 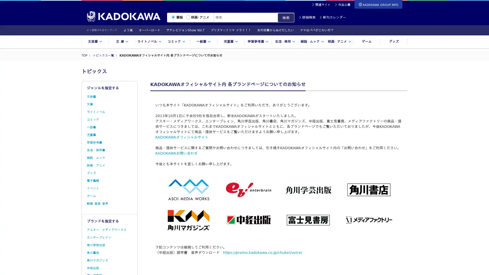 What do you see at coordinates (252, 38) in the screenshot?
I see `? 1` at bounding box center [252, 38].